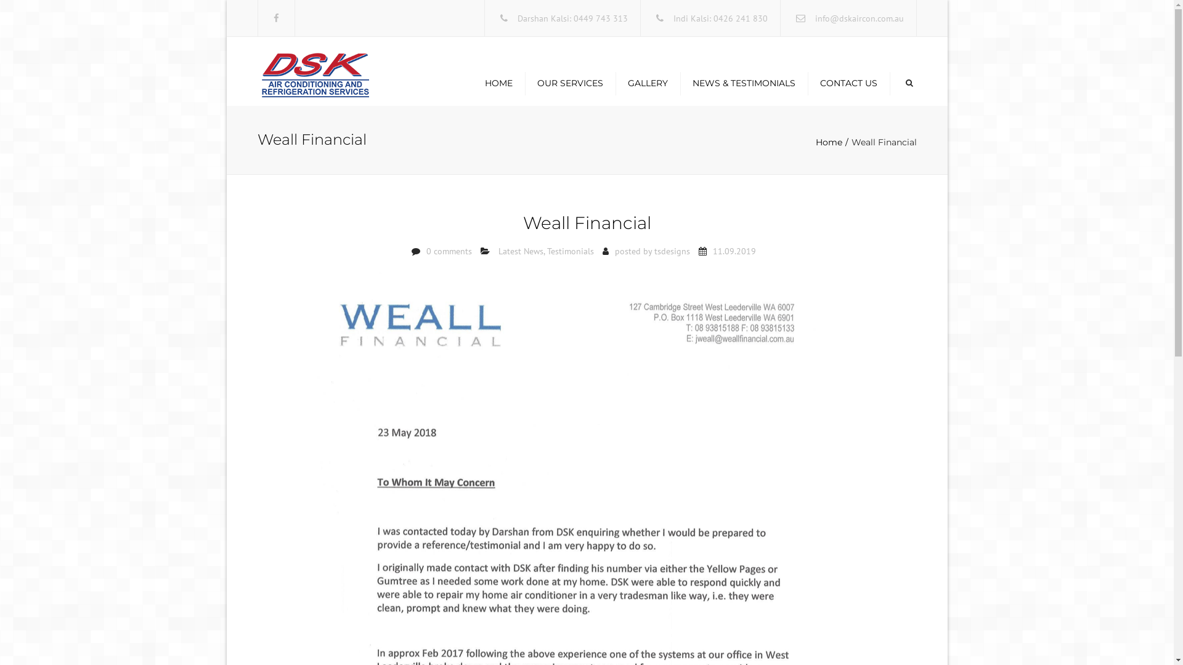 This screenshot has width=1183, height=665. Describe the element at coordinates (858, 18) in the screenshot. I see `'info@dskaircon.com.au'` at that location.